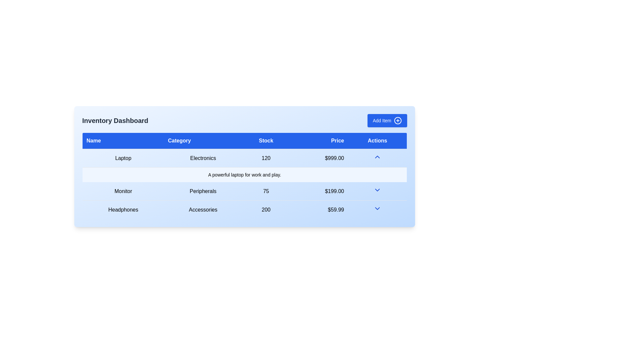 The image size is (634, 357). What do you see at coordinates (266, 158) in the screenshot?
I see `the static text label displaying the number '120' in the third column of the first data row under the column header 'Stock'` at bounding box center [266, 158].